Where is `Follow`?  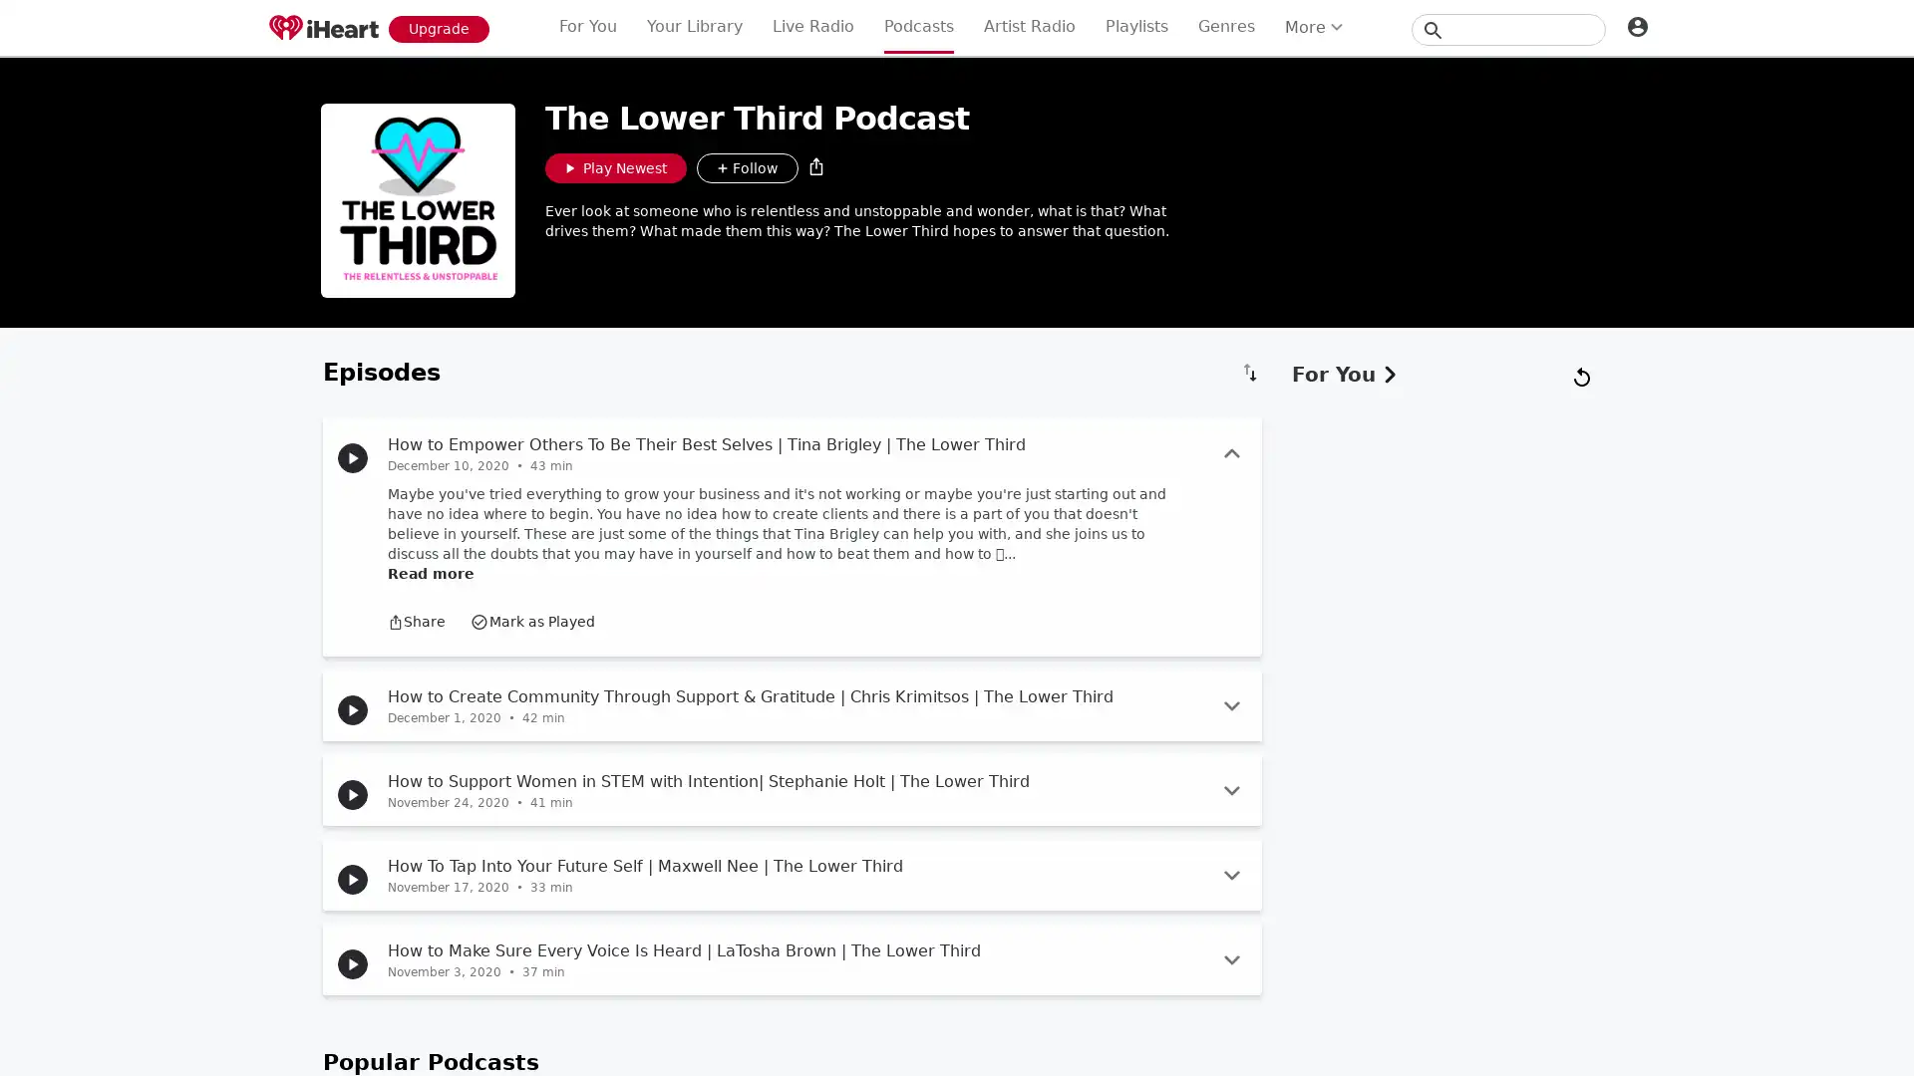
Follow is located at coordinates (746, 167).